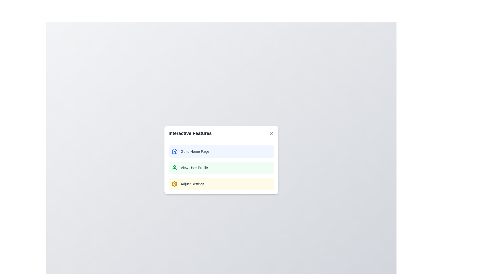 The image size is (488, 275). What do you see at coordinates (221, 160) in the screenshot?
I see `the modal box titled 'Interactive Features'` at bounding box center [221, 160].